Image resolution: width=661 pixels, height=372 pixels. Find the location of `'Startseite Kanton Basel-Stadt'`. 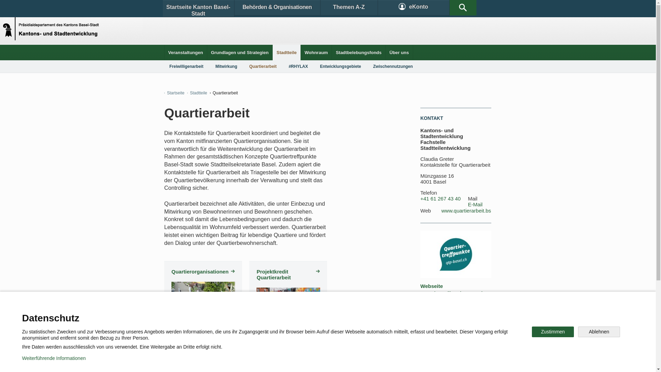

'Startseite Kanton Basel-Stadt' is located at coordinates (198, 8).